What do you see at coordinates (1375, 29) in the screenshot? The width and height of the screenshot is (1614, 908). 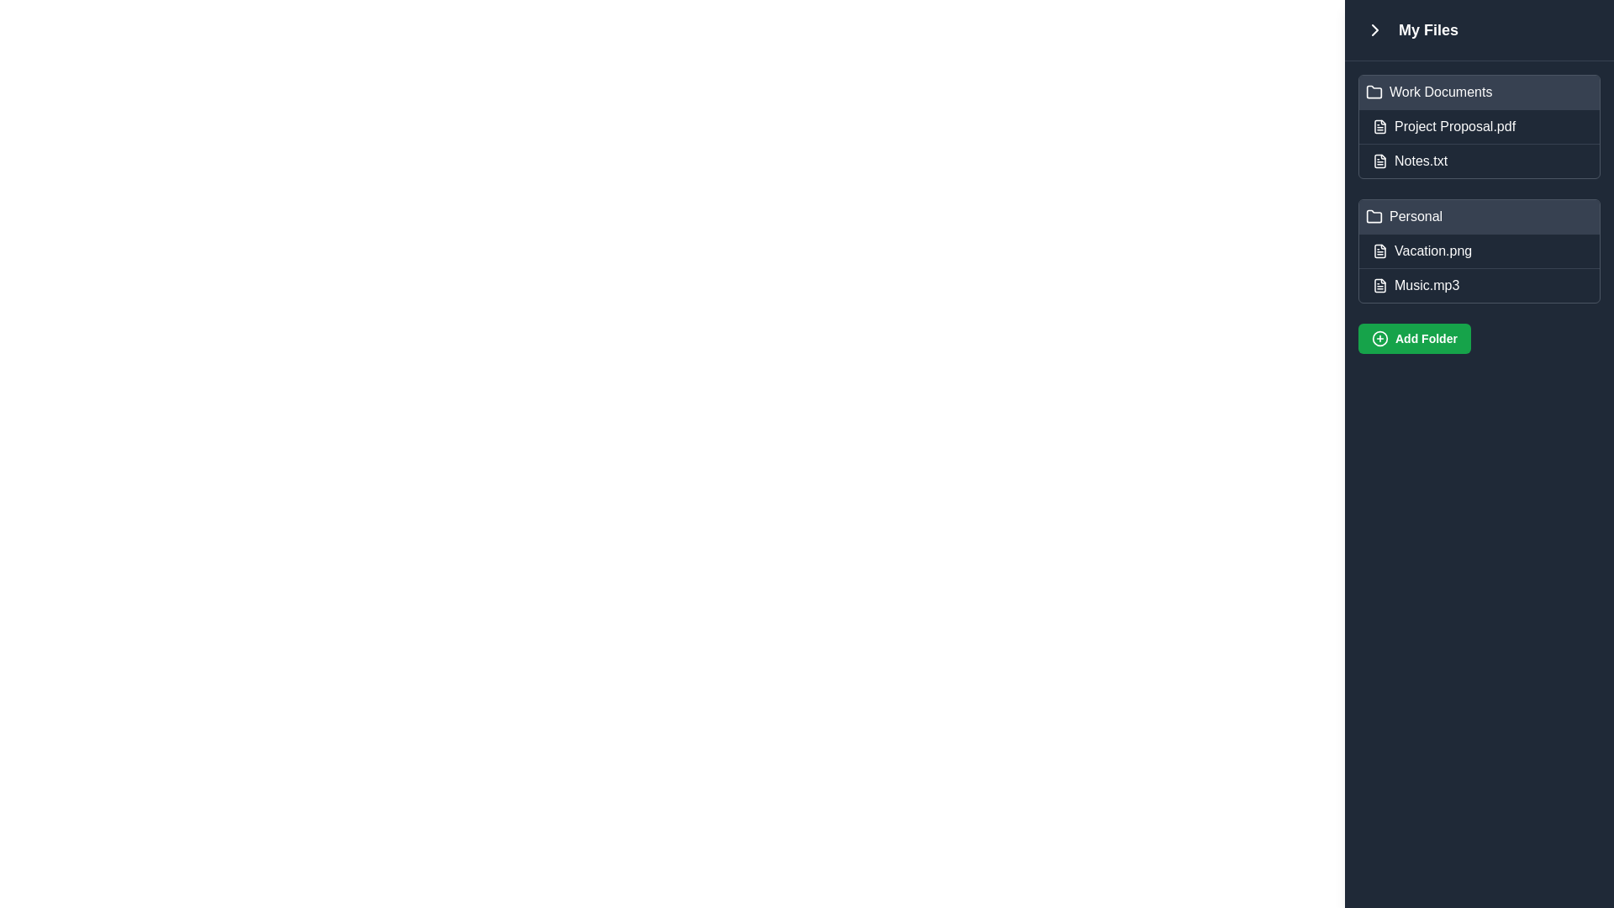 I see `the small, rightward-pointing chevron arrow icon button located near the top left corner of the interface` at bounding box center [1375, 29].